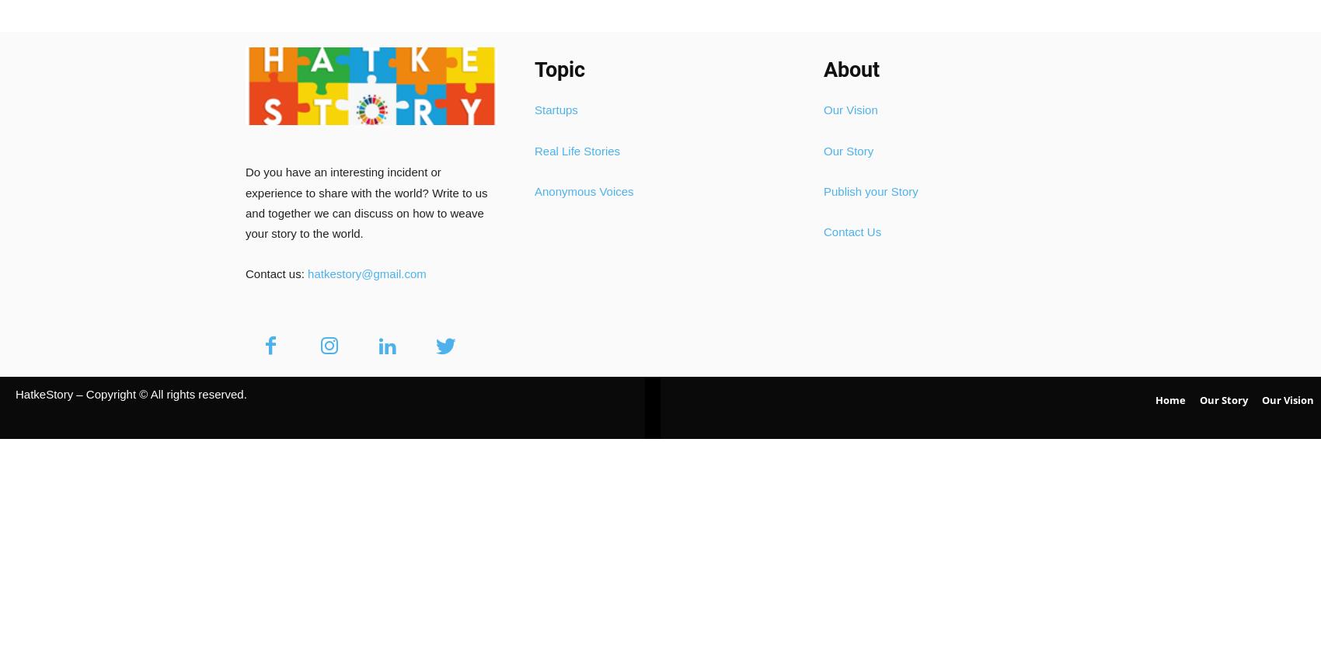  Describe the element at coordinates (850, 110) in the screenshot. I see `'Our Vision'` at that location.